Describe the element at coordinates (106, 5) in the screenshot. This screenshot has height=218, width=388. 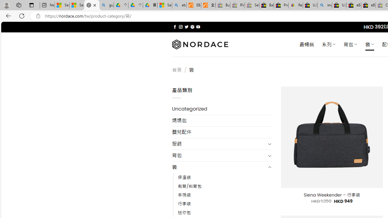
I see `'guge yunpan - Search'` at that location.